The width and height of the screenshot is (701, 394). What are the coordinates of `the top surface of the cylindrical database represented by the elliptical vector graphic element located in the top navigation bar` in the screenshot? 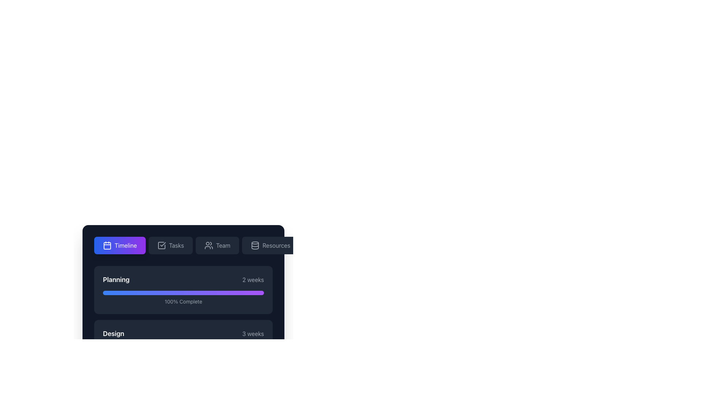 It's located at (255, 243).